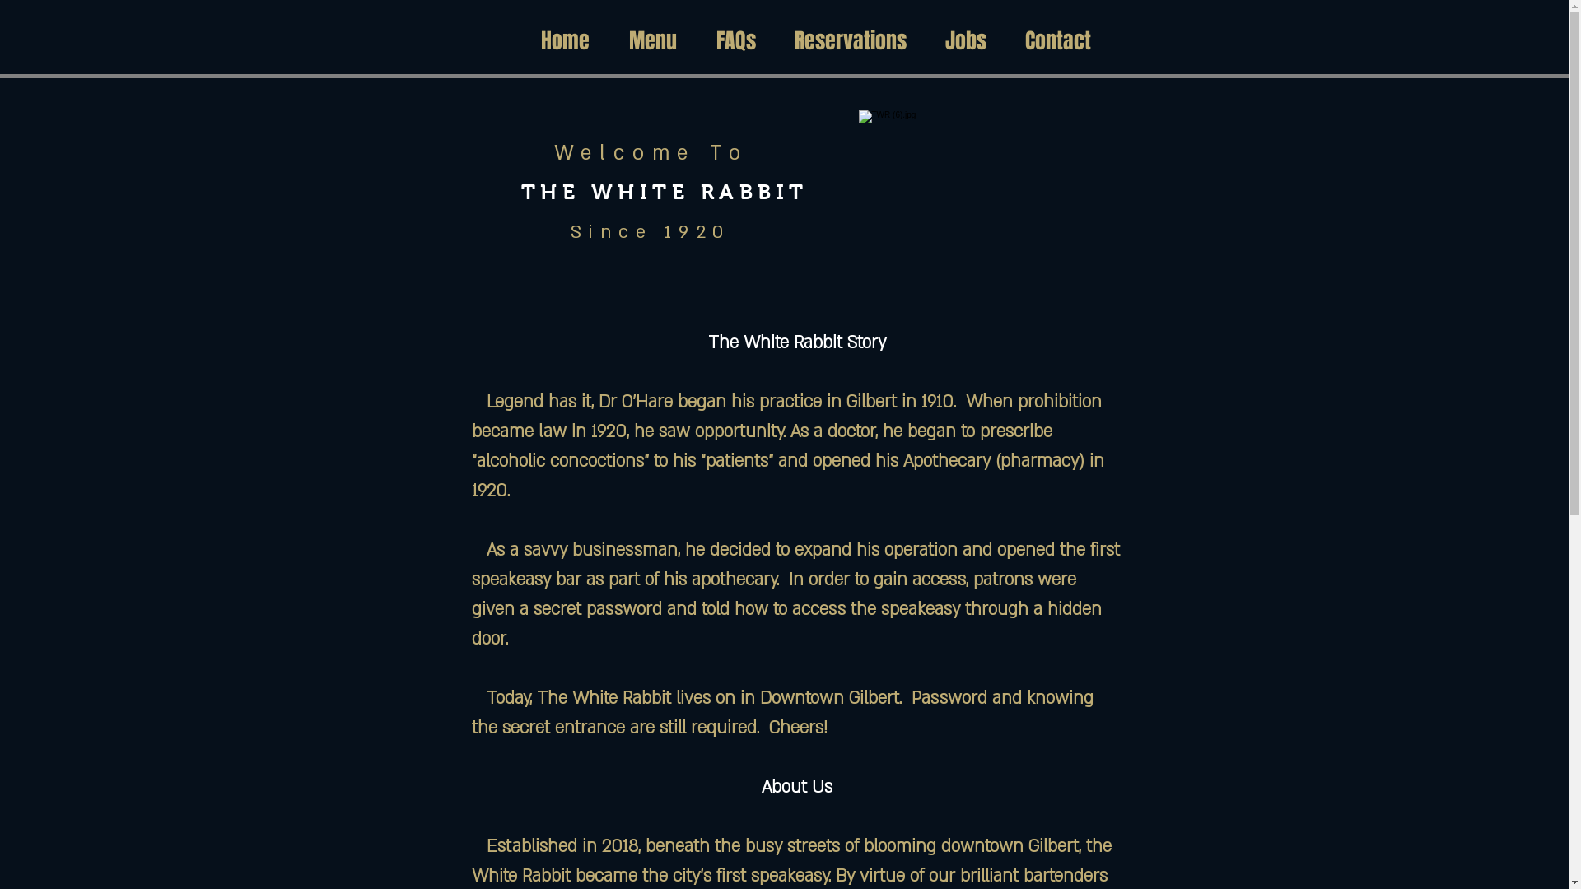  I want to click on 'Contact', so click(1005, 40).